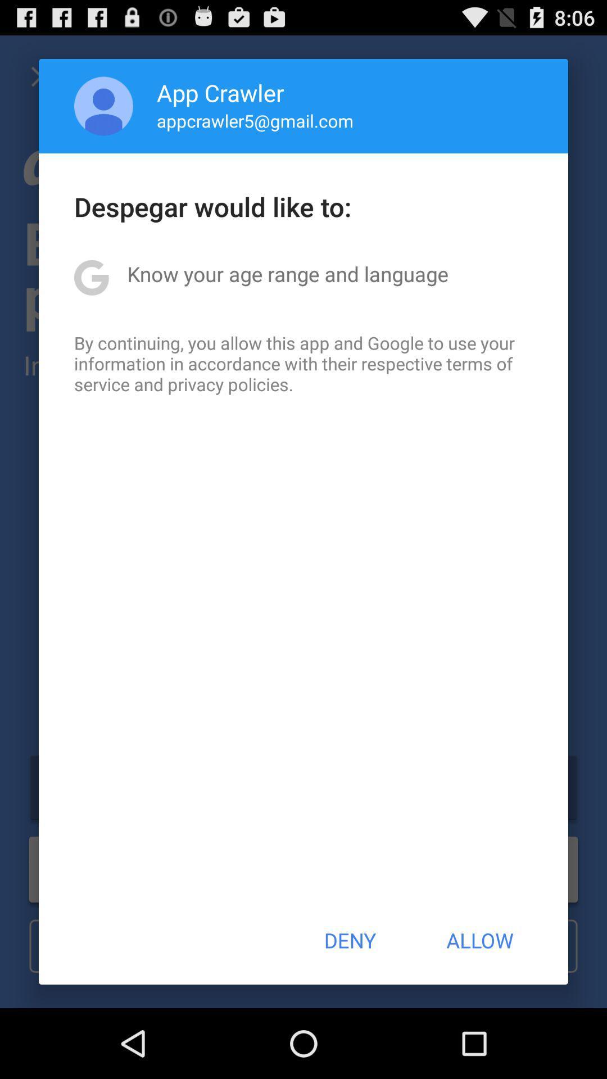 The width and height of the screenshot is (607, 1079). Describe the element at coordinates (103, 106) in the screenshot. I see `the item to the left of app crawler app` at that location.